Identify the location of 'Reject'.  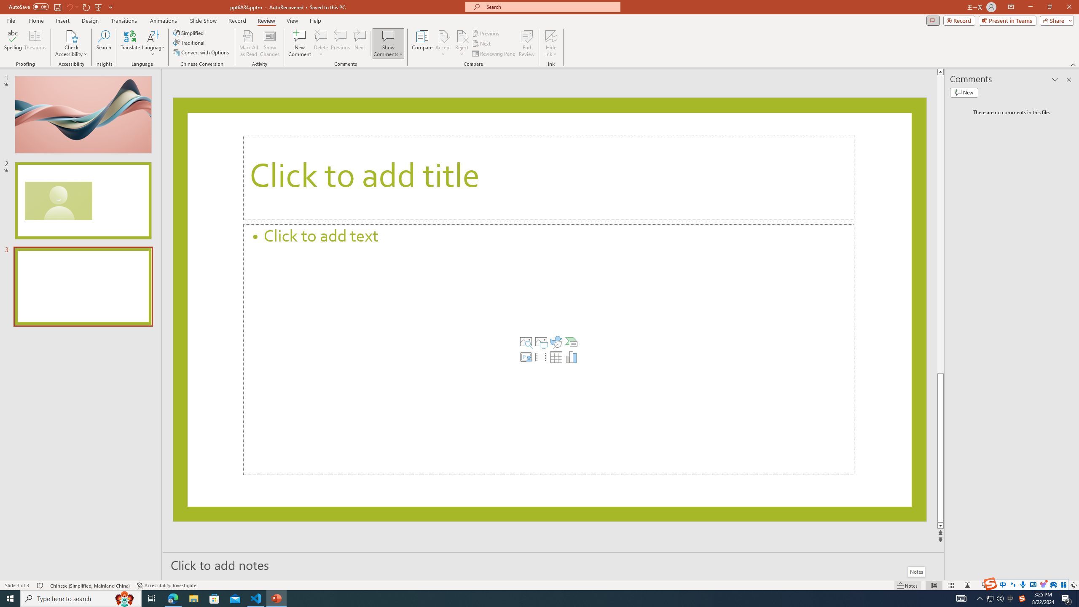
(461, 43).